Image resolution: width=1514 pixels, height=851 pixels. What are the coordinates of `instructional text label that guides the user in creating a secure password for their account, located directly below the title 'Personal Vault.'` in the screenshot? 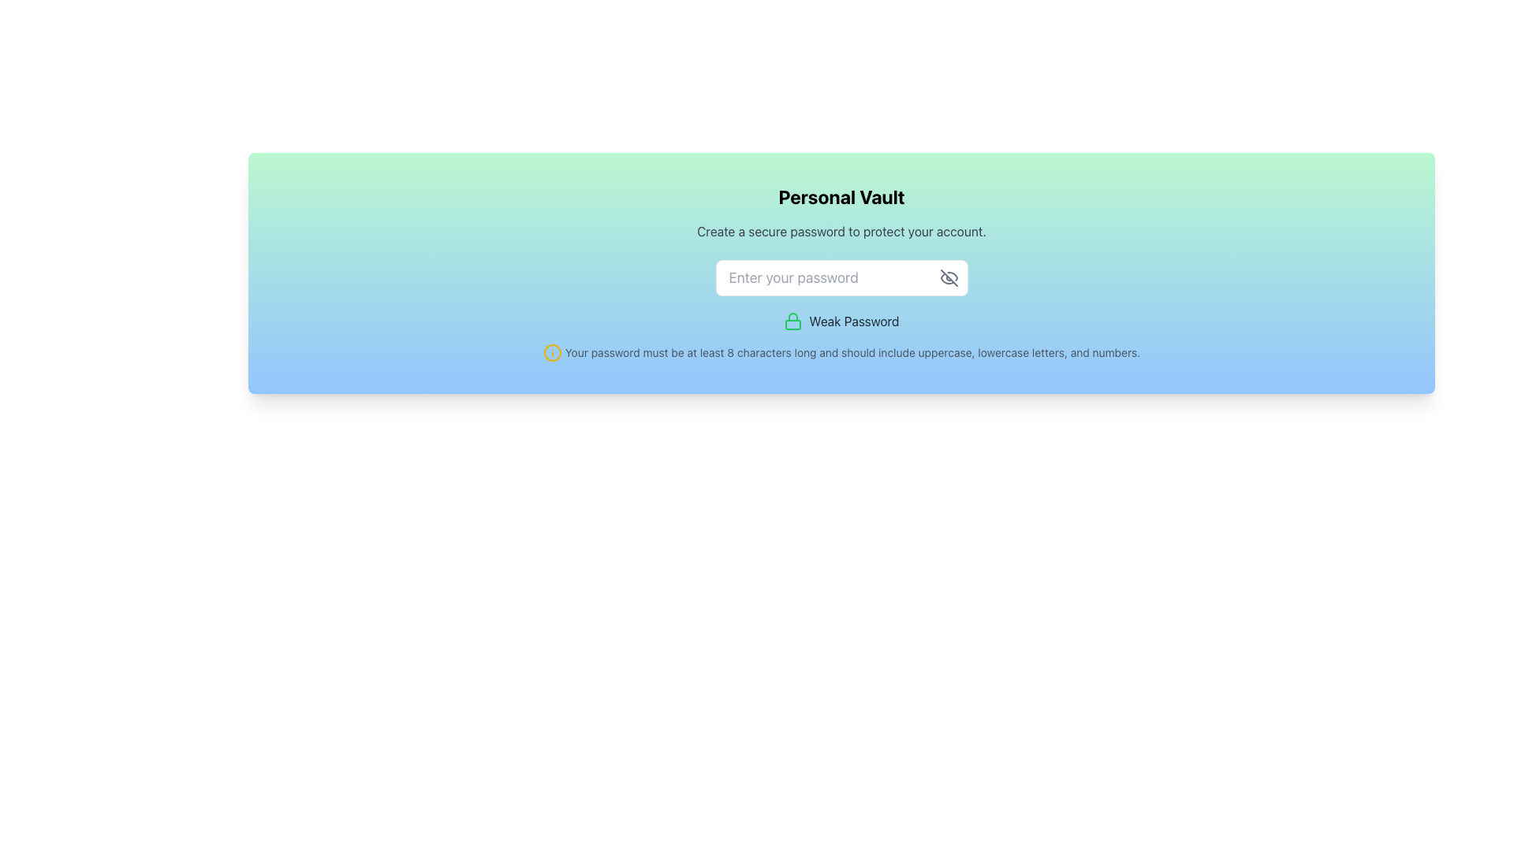 It's located at (841, 231).